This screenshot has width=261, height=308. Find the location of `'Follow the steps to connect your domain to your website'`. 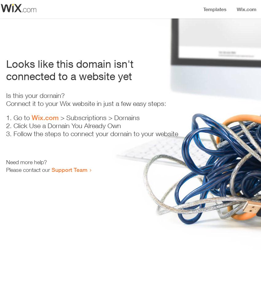

'Follow the steps to connect your domain to your website' is located at coordinates (96, 134).